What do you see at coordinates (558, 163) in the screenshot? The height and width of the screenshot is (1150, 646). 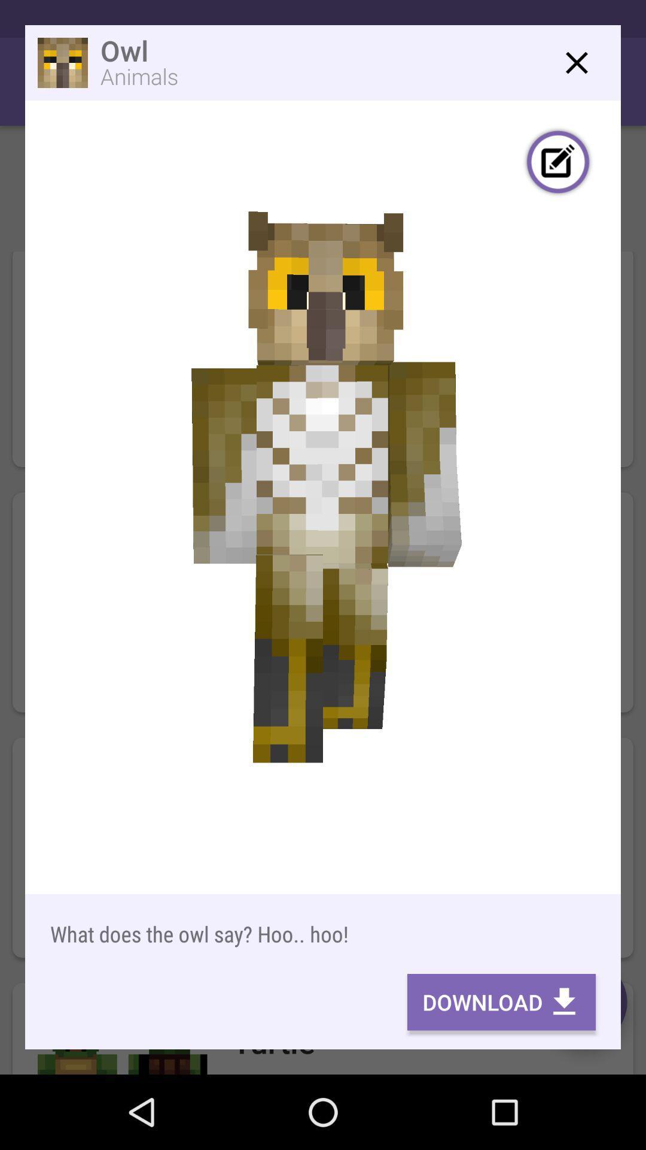 I see `the edit icon` at bounding box center [558, 163].